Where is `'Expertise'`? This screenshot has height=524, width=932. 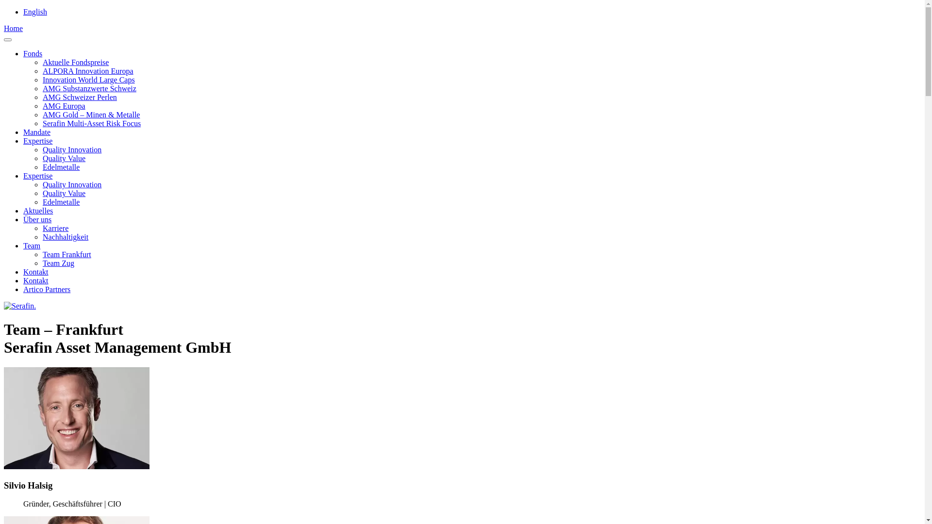
'Expertise' is located at coordinates (37, 176).